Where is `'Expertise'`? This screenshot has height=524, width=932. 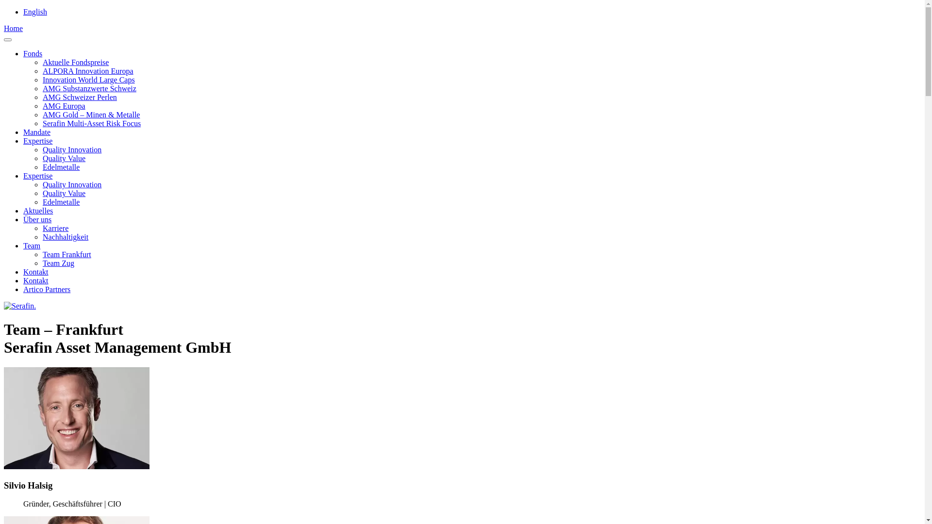
'Expertise' is located at coordinates (37, 176).